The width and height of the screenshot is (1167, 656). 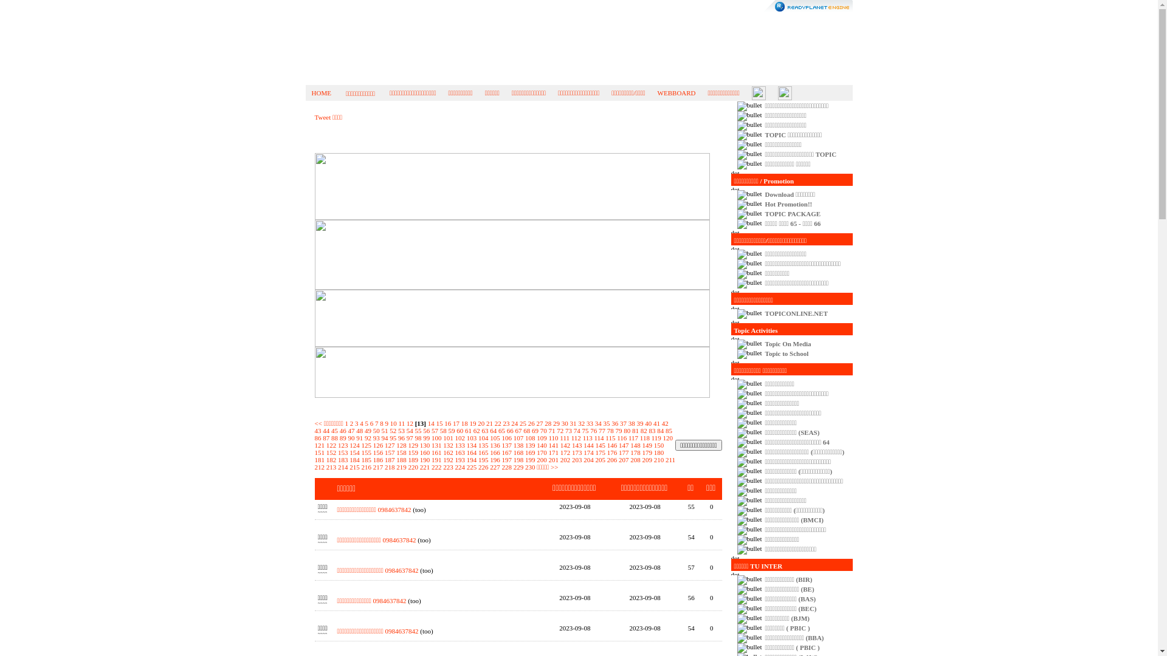 I want to click on '101', so click(x=447, y=438).